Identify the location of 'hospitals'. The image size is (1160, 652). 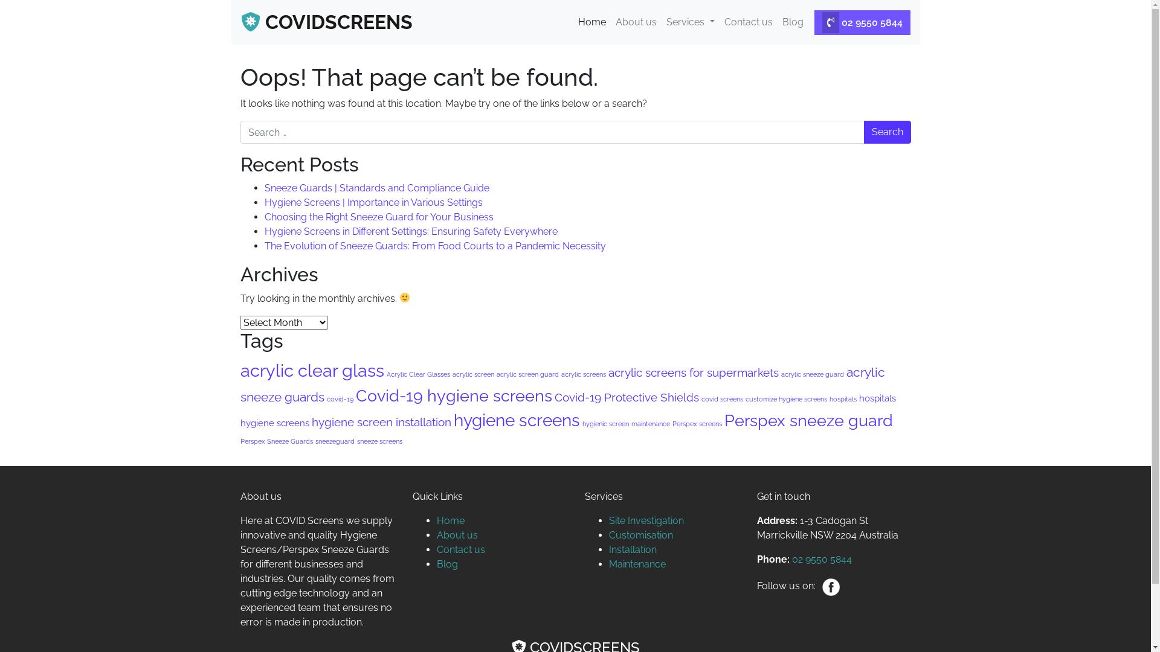
(842, 398).